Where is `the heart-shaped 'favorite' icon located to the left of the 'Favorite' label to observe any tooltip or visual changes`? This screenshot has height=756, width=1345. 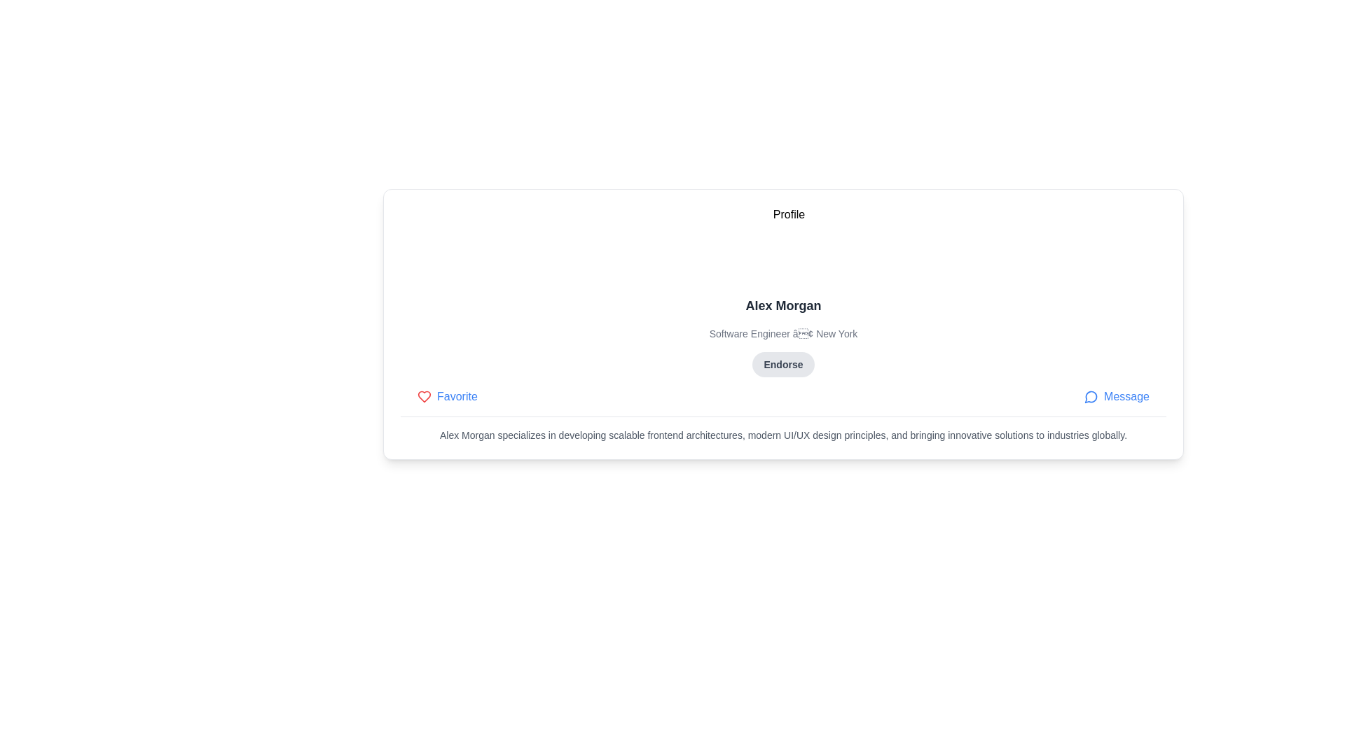 the heart-shaped 'favorite' icon located to the left of the 'Favorite' label to observe any tooltip or visual changes is located at coordinates (423, 397).